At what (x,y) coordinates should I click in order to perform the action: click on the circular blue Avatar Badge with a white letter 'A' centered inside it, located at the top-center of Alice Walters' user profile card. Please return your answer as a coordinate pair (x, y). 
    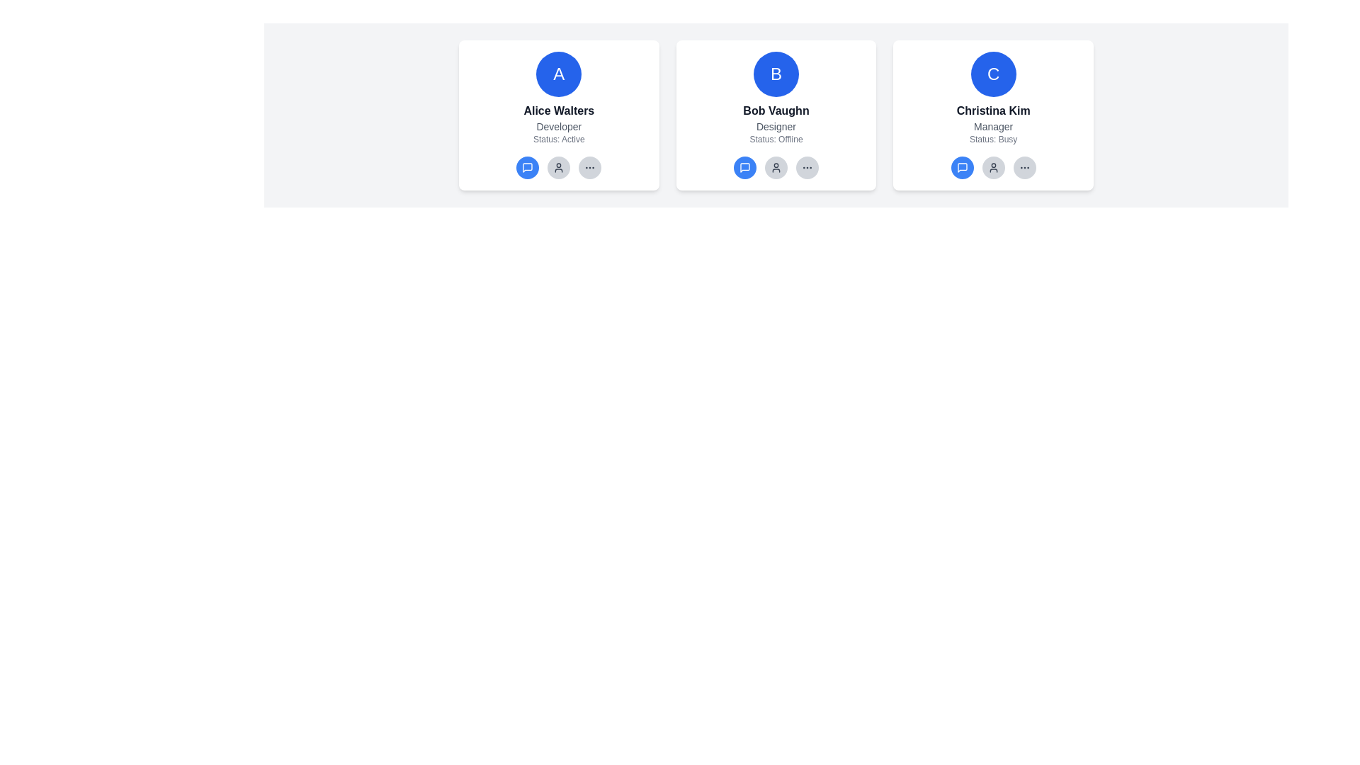
    Looking at the image, I should click on (558, 74).